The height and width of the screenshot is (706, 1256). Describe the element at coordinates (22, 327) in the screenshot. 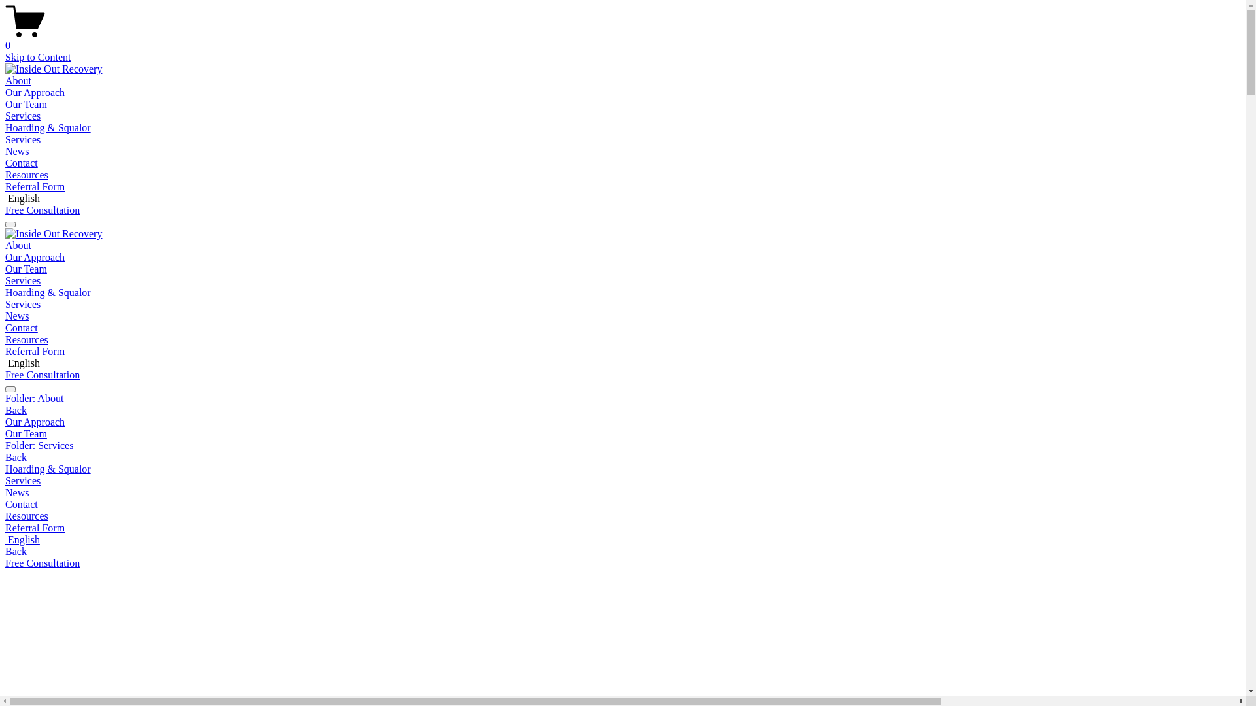

I see `'Contact'` at that location.